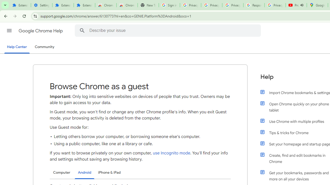 The width and height of the screenshot is (330, 185). What do you see at coordinates (82, 30) in the screenshot?
I see `'Search Help Center'` at bounding box center [82, 30].